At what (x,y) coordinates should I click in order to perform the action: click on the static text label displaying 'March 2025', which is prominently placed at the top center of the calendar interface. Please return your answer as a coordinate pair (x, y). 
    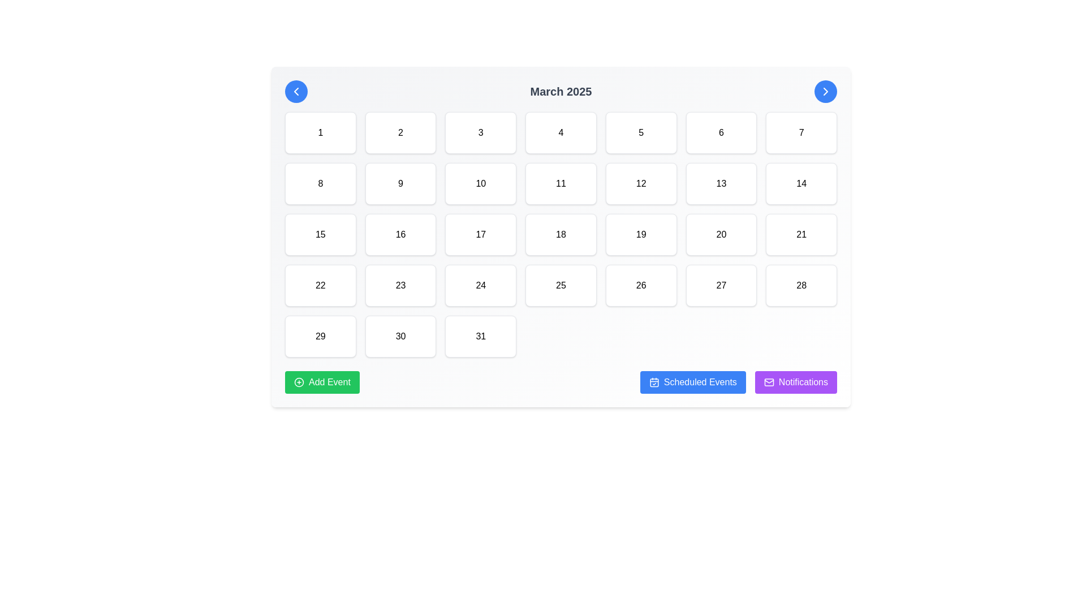
    Looking at the image, I should click on (561, 91).